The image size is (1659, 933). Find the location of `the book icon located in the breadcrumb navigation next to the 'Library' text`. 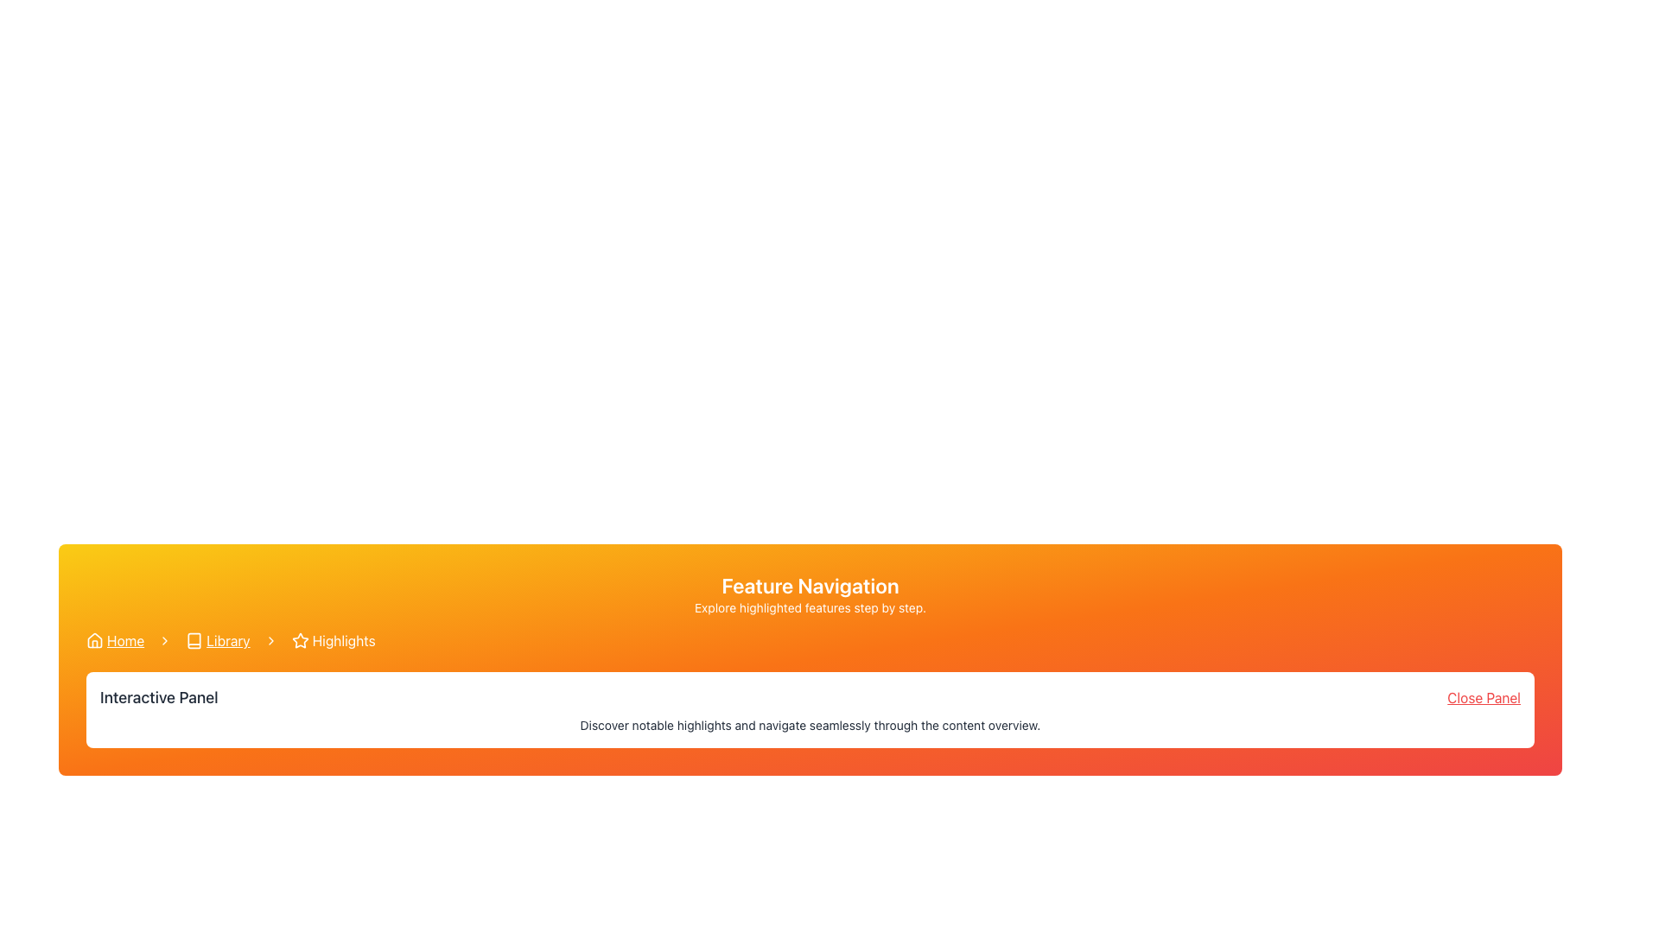

the book icon located in the breadcrumb navigation next to the 'Library' text is located at coordinates (194, 640).